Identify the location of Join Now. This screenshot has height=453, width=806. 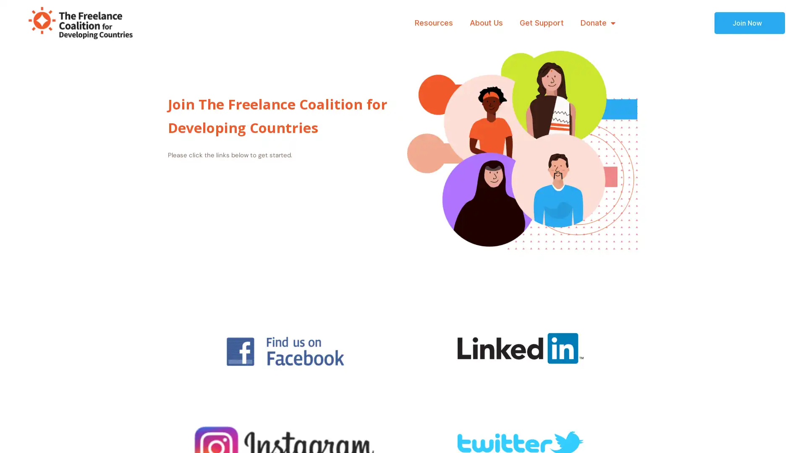
(749, 22).